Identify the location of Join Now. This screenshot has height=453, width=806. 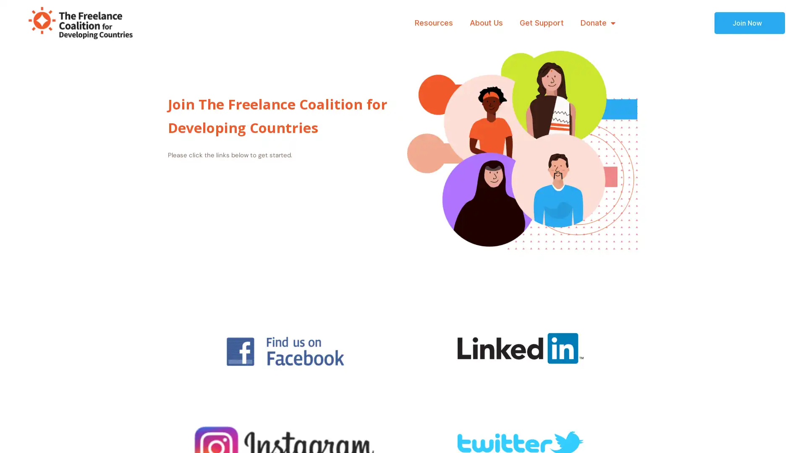
(749, 22).